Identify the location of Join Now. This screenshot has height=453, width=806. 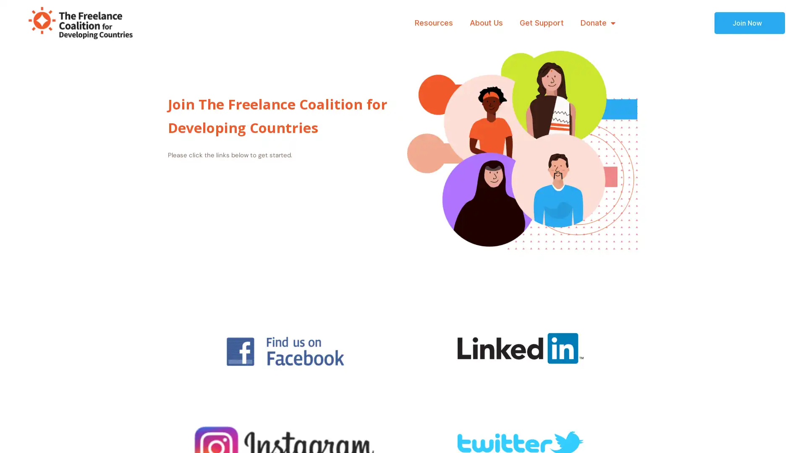
(749, 22).